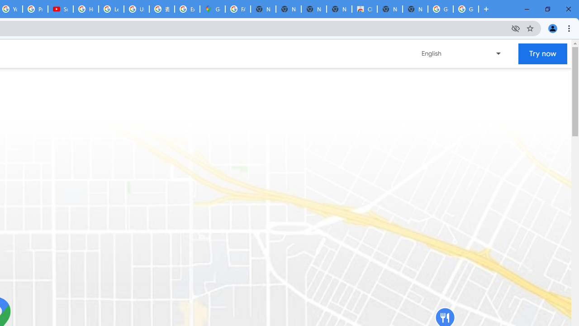  Describe the element at coordinates (212, 9) in the screenshot. I see `'Google Maps'` at that location.